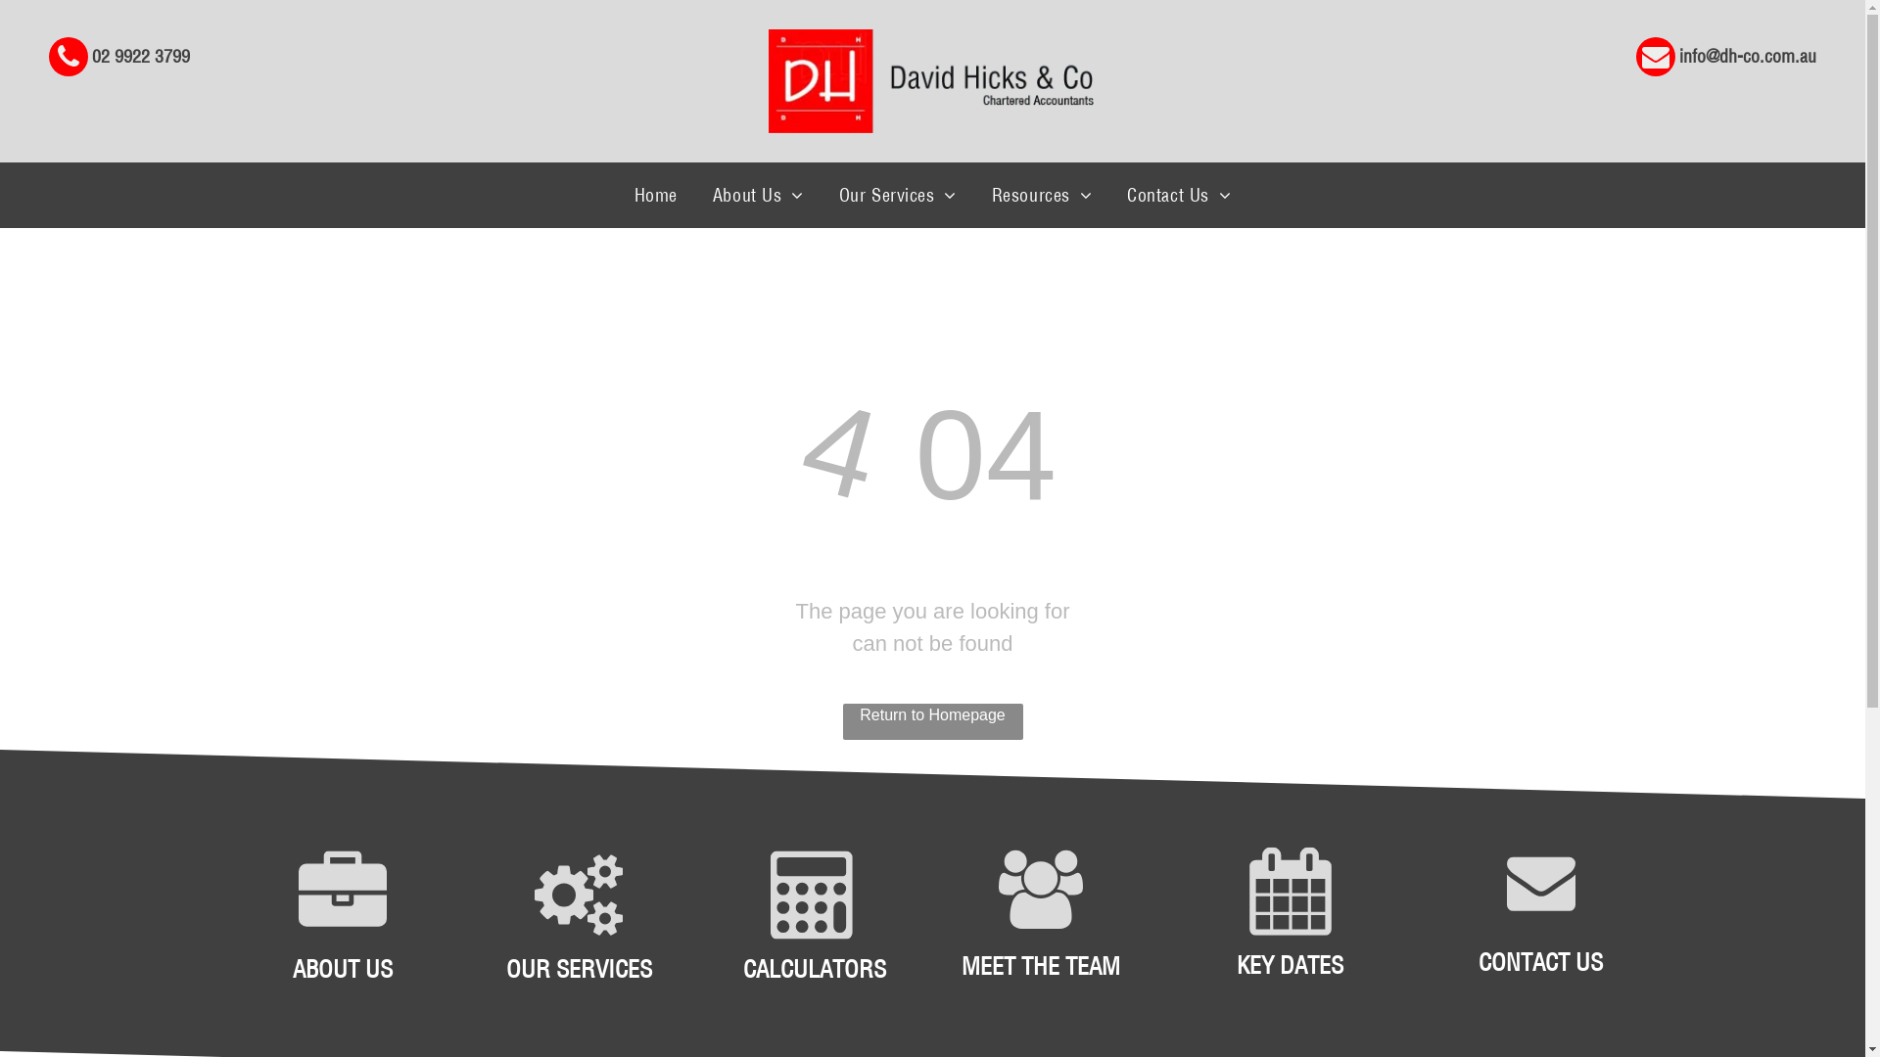 The width and height of the screenshot is (1880, 1057). Describe the element at coordinates (929, 80) in the screenshot. I see `'David Hicks & Co, Chartered Accountants, Milton Point NSW'` at that location.